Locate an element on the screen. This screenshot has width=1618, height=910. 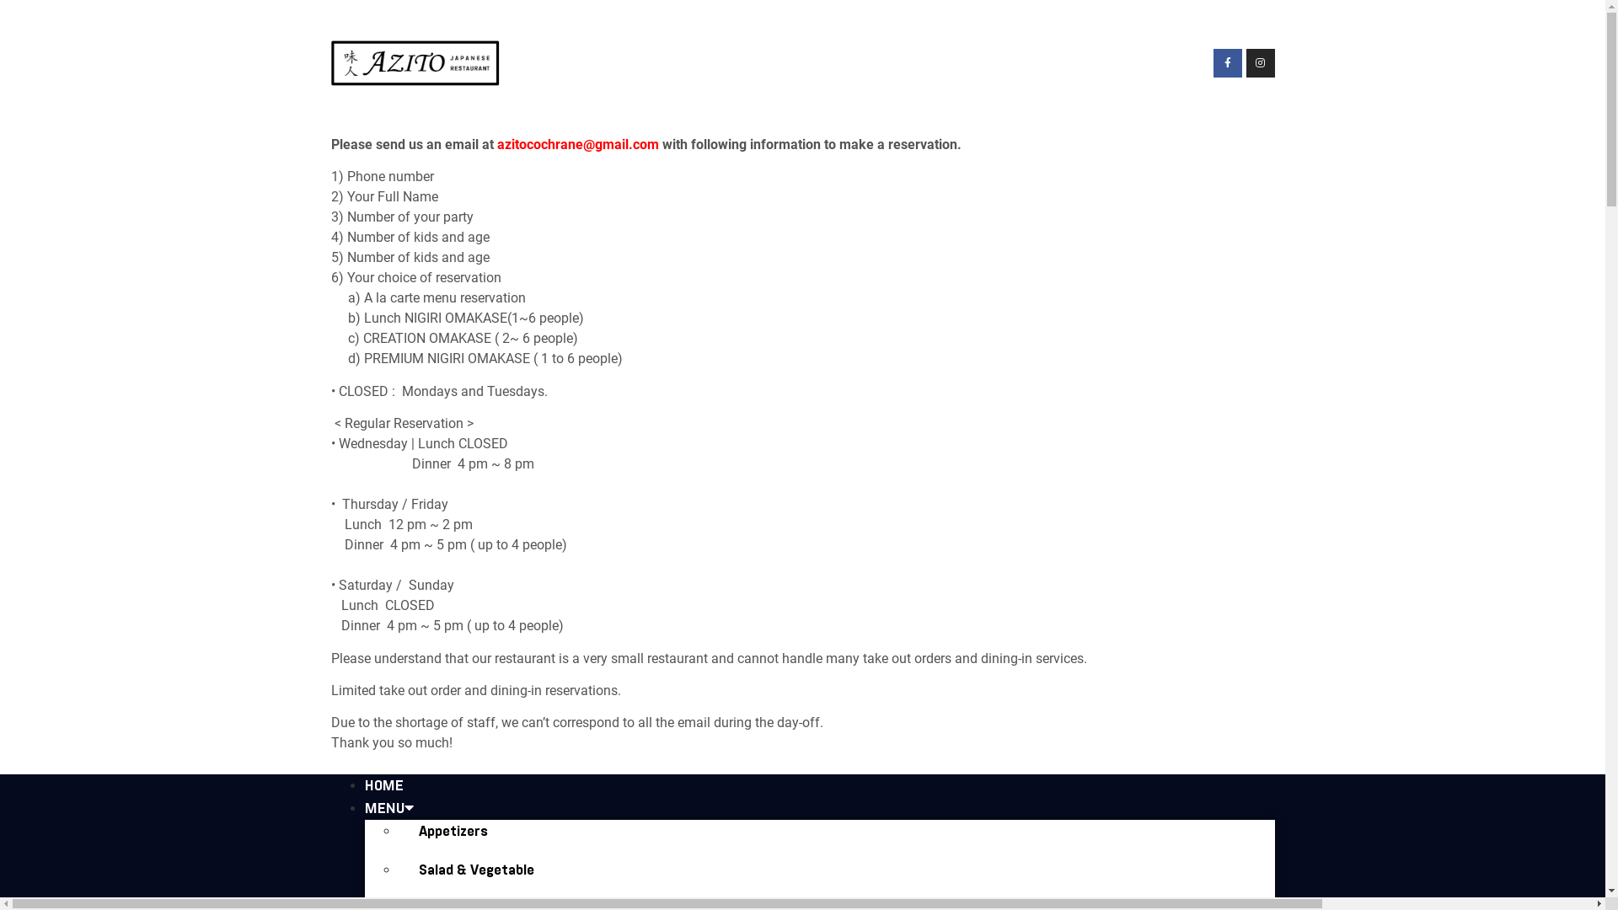
'Appetizers' is located at coordinates (453, 830).